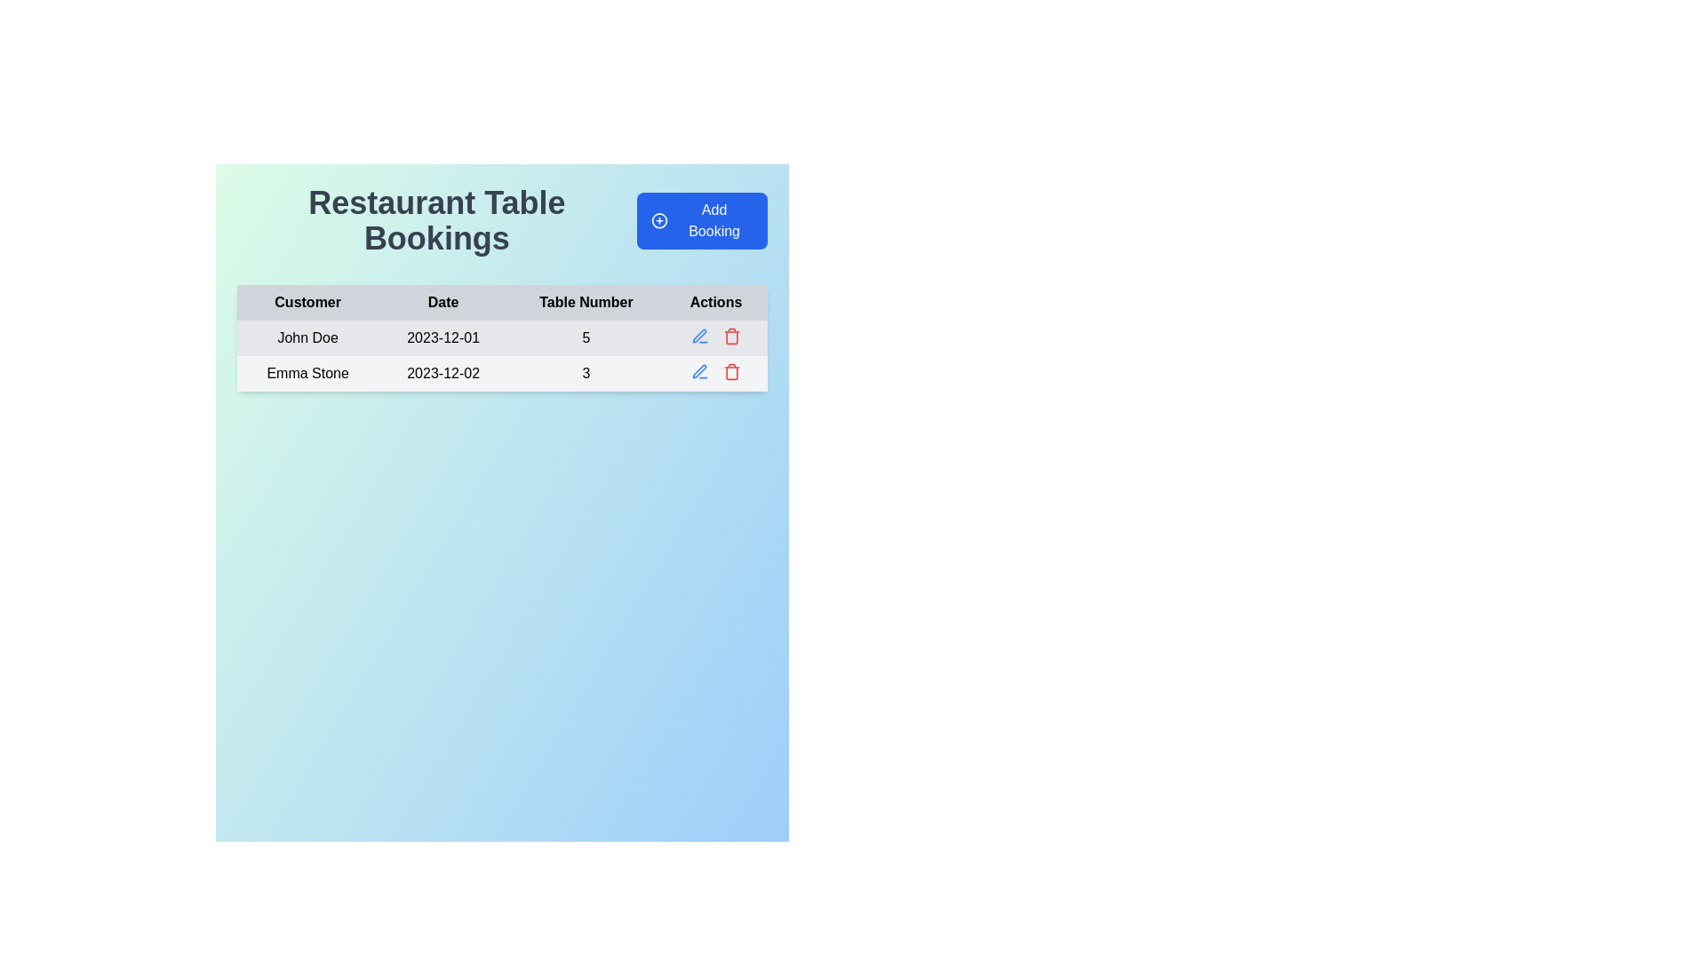 The width and height of the screenshot is (1706, 959). What do you see at coordinates (716, 301) in the screenshot?
I see `the 'Actions' column header in the table, which is the fourth header element from the left, indicating editing and deleting actions for entries` at bounding box center [716, 301].